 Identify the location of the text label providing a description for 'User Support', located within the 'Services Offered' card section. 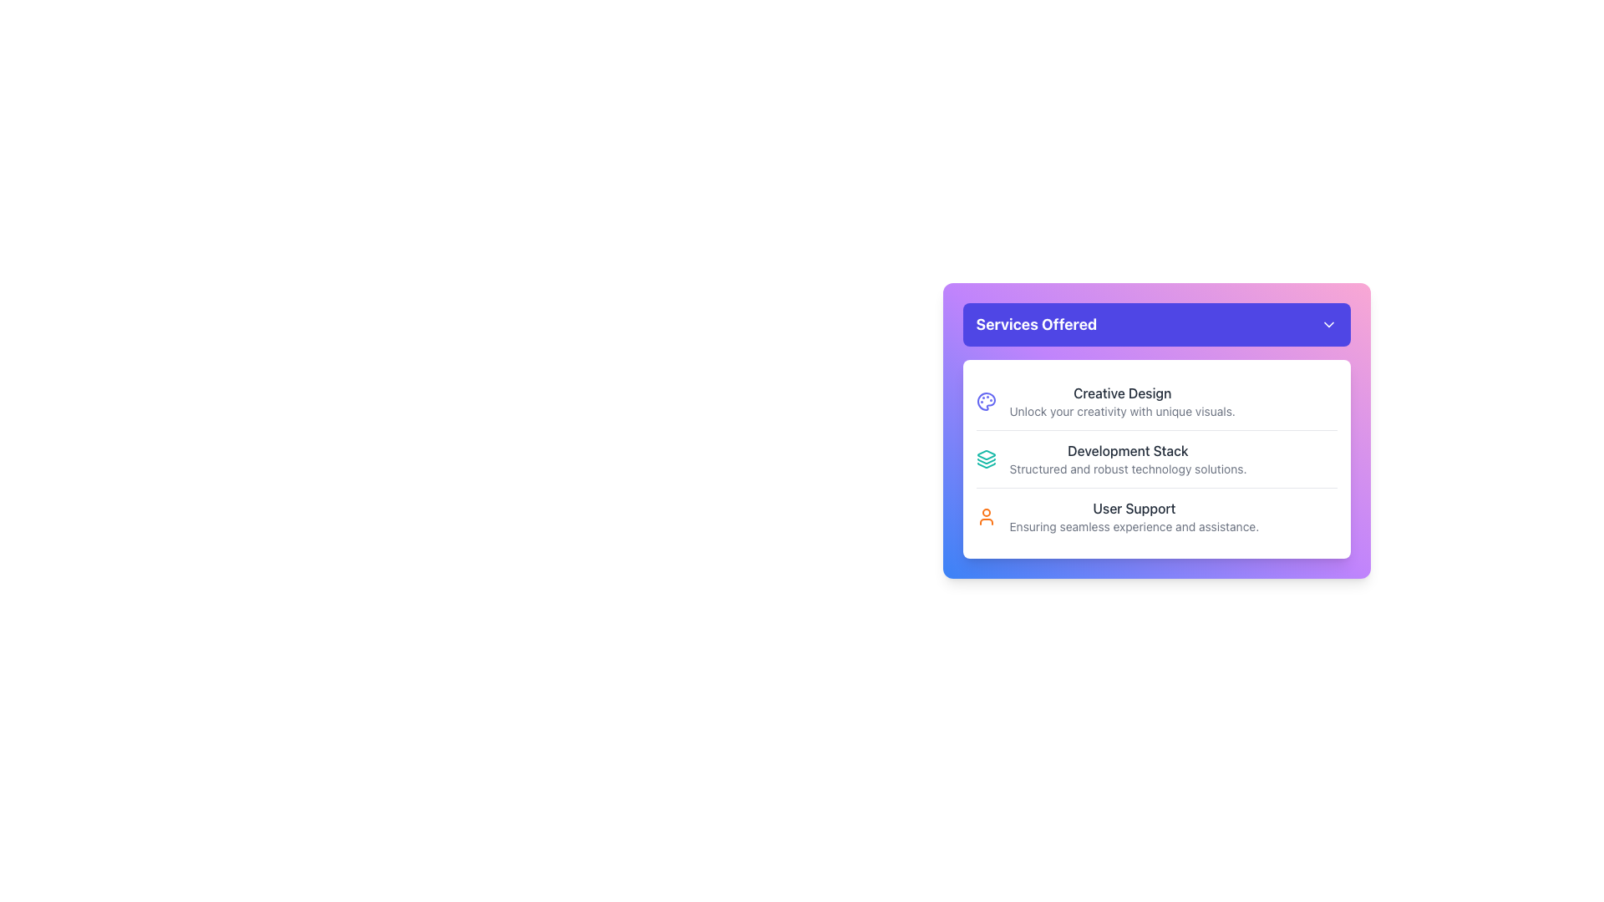
(1134, 527).